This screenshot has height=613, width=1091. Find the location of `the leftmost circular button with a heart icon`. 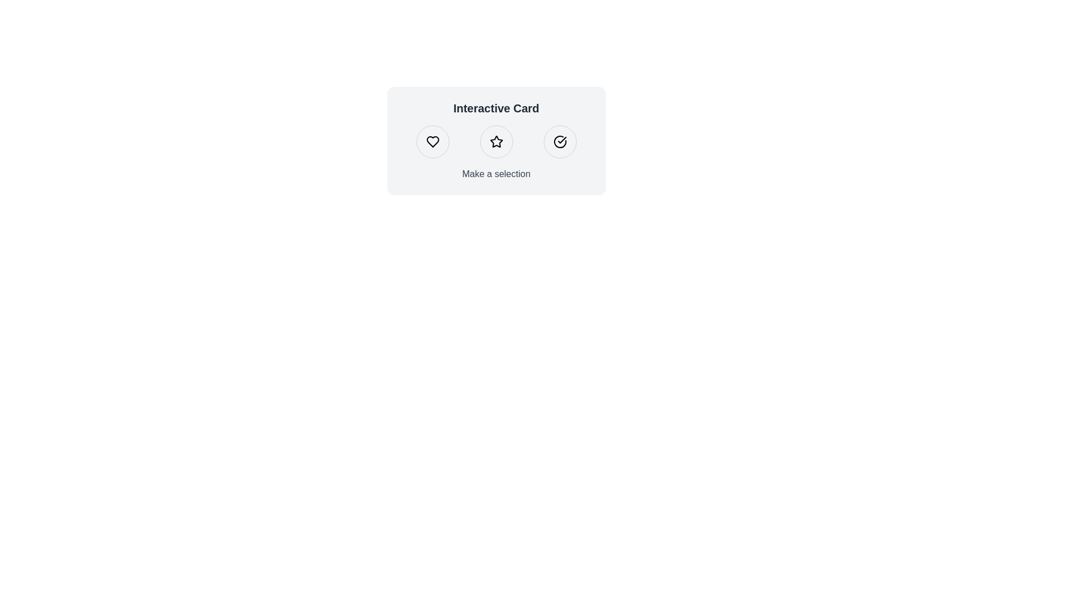

the leftmost circular button with a heart icon is located at coordinates (432, 141).